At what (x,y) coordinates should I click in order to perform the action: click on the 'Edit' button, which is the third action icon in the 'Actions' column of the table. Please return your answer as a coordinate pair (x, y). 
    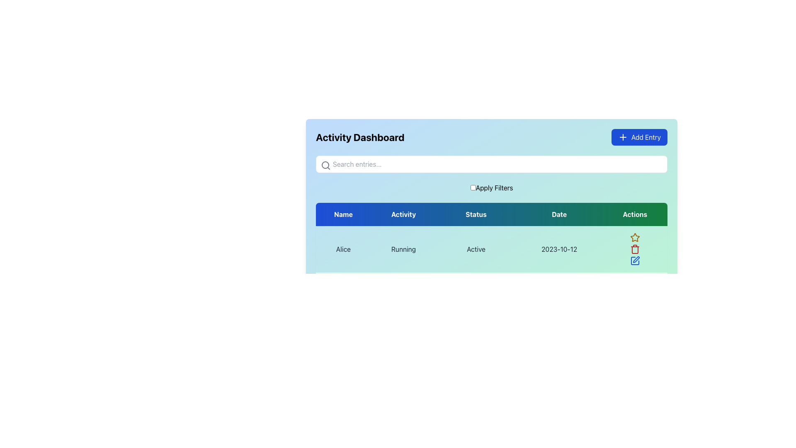
    Looking at the image, I should click on (634, 260).